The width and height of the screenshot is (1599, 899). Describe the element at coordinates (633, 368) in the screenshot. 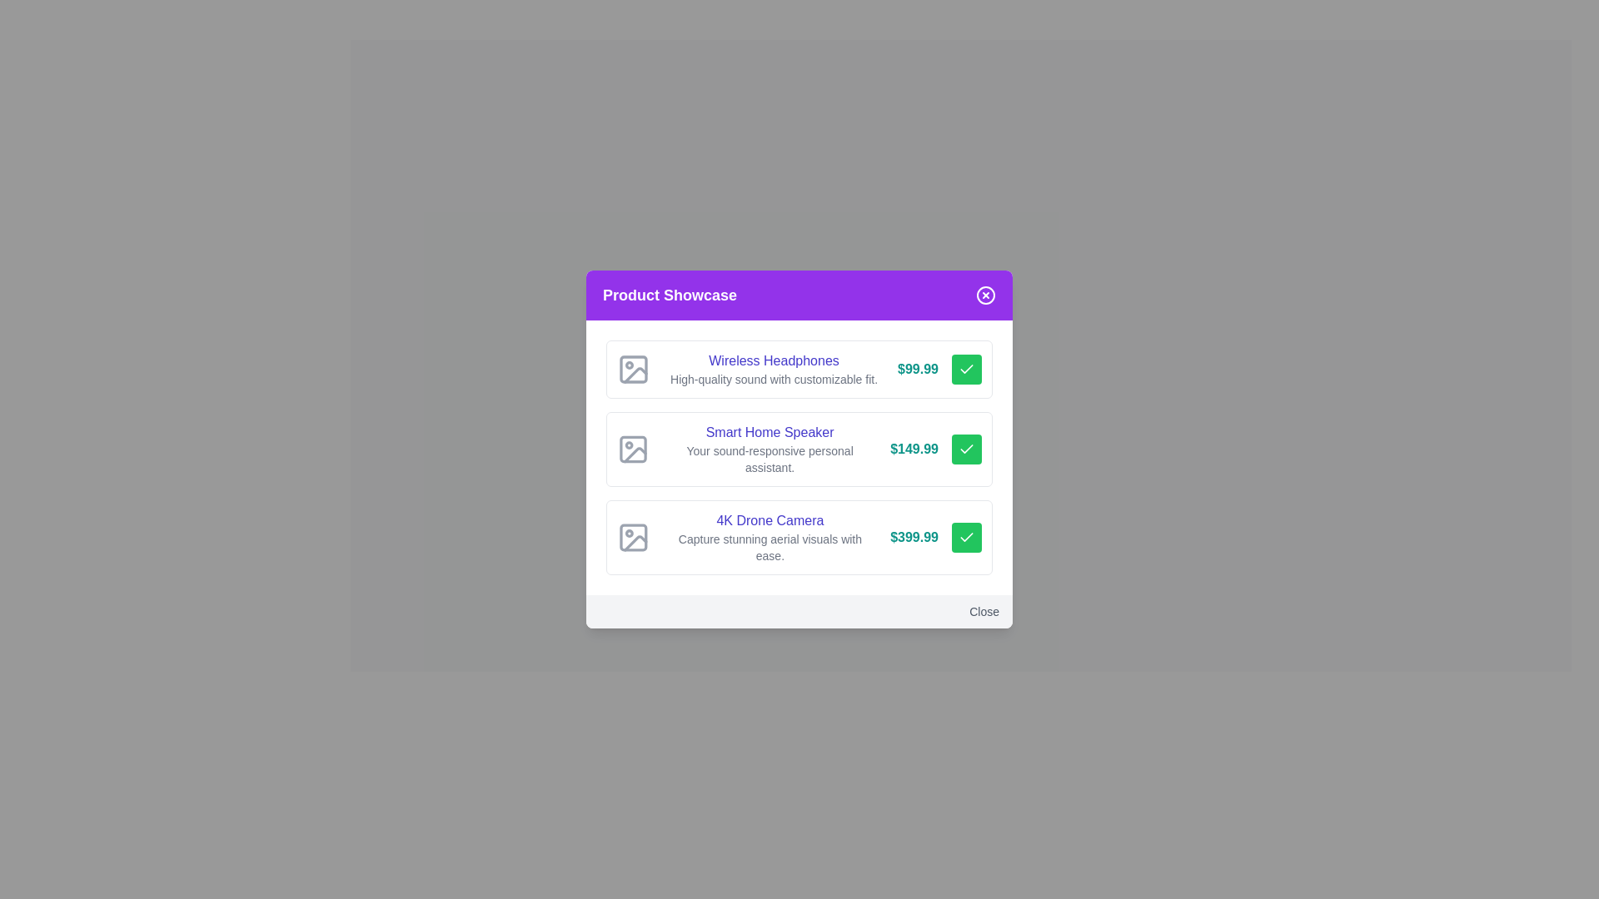

I see `the background frame of the SVG icon for the first product in the 'Product Showcase' list, which is positioned to the left of 'Wireless Headphones'` at that location.